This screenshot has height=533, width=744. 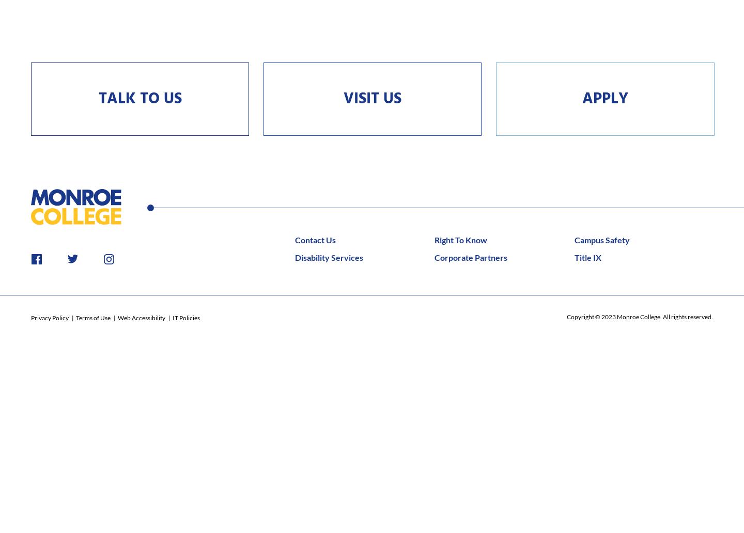 What do you see at coordinates (50, 317) in the screenshot?
I see `'Privacy Policy'` at bounding box center [50, 317].